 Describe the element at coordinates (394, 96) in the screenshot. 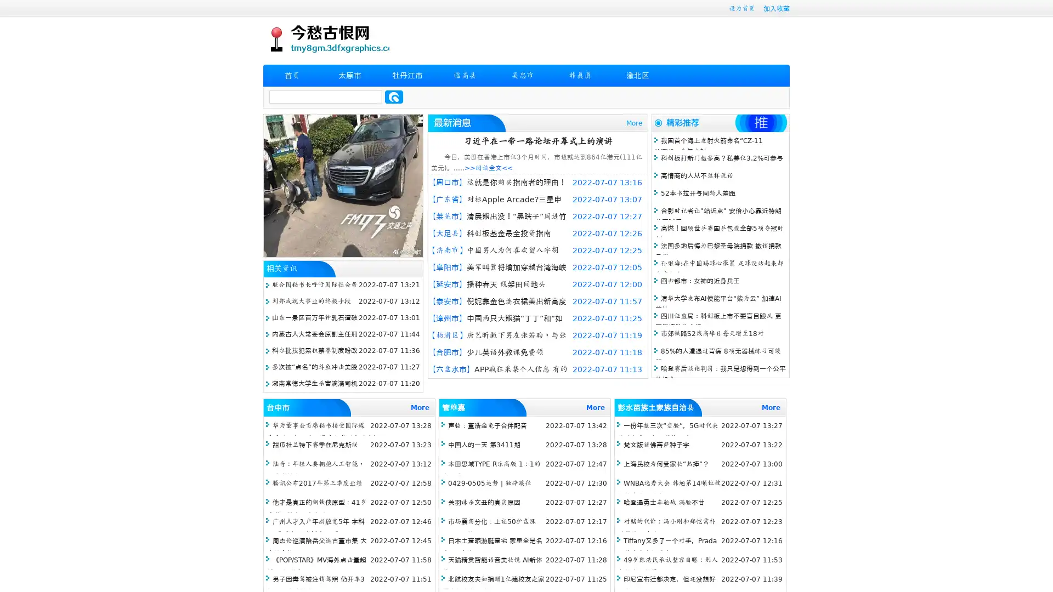

I see `Search` at that location.